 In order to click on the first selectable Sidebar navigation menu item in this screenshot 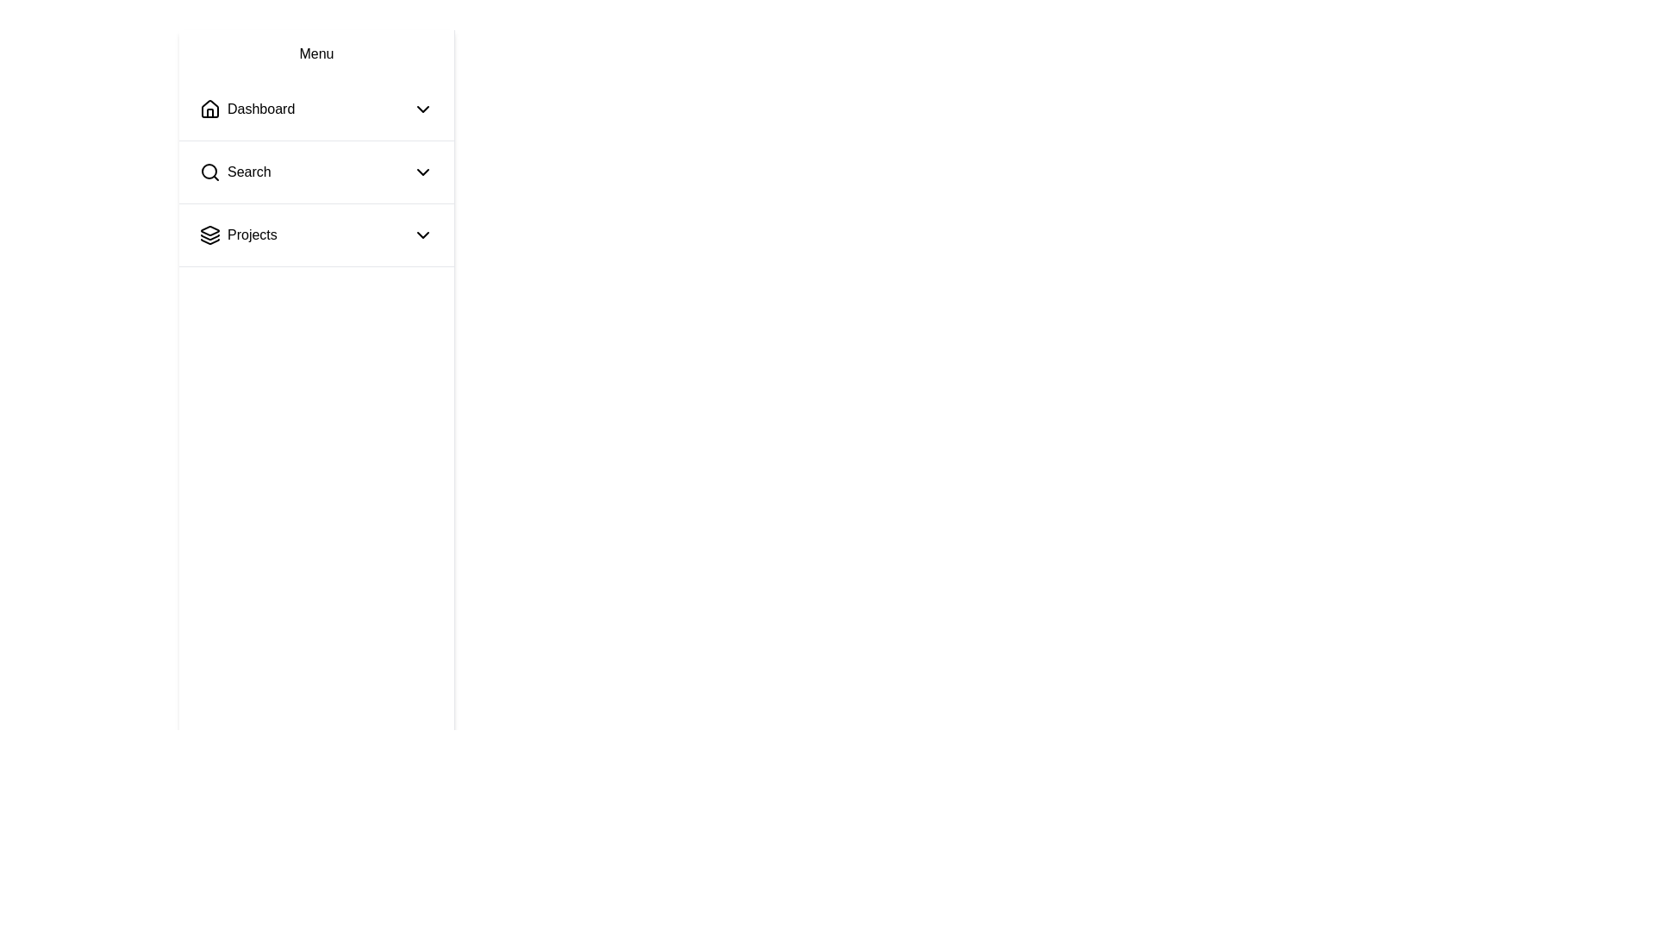, I will do `click(316, 109)`.